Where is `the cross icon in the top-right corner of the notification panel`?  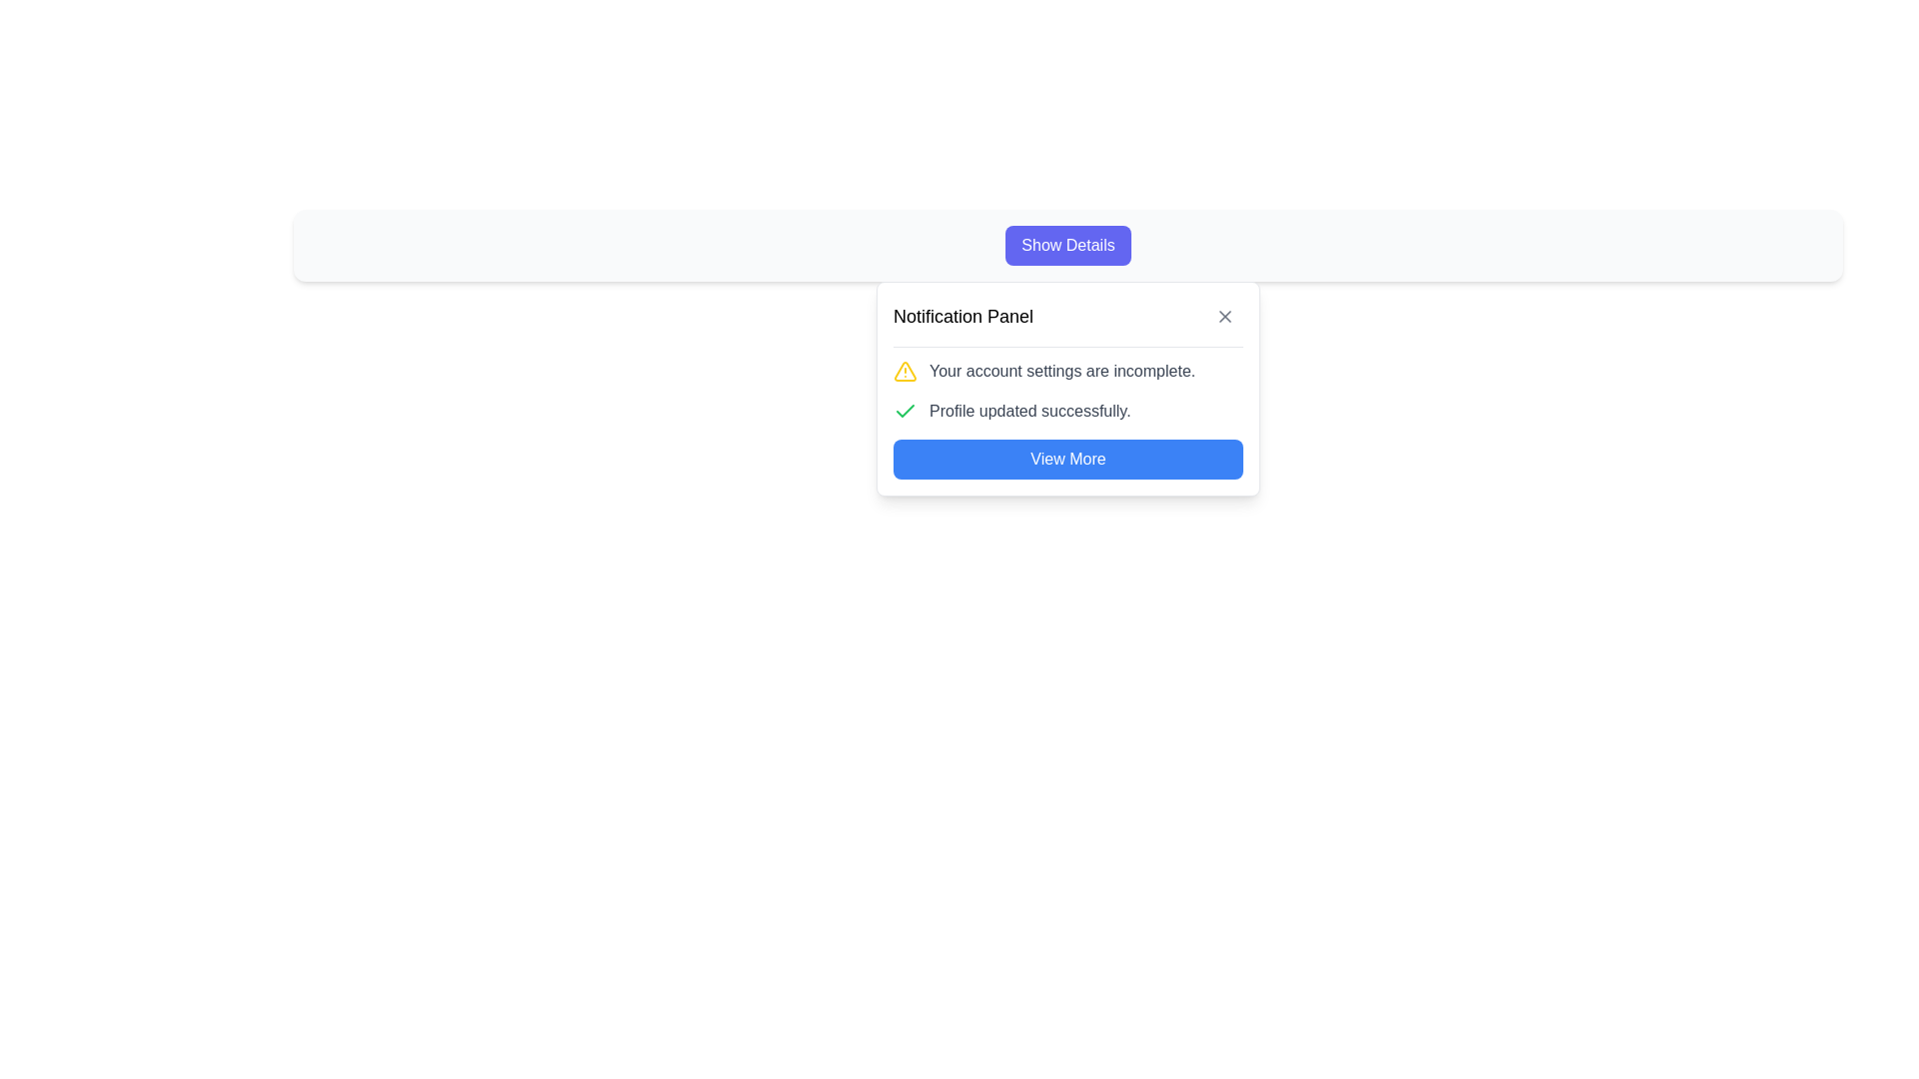 the cross icon in the top-right corner of the notification panel is located at coordinates (1223, 315).